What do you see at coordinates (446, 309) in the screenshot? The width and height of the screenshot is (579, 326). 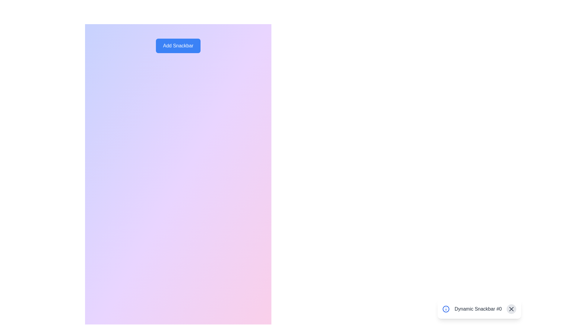 I see `the SVG Circle with a light blue outline located at the bottom-right corner of the interface, which is part of an information icon` at bounding box center [446, 309].